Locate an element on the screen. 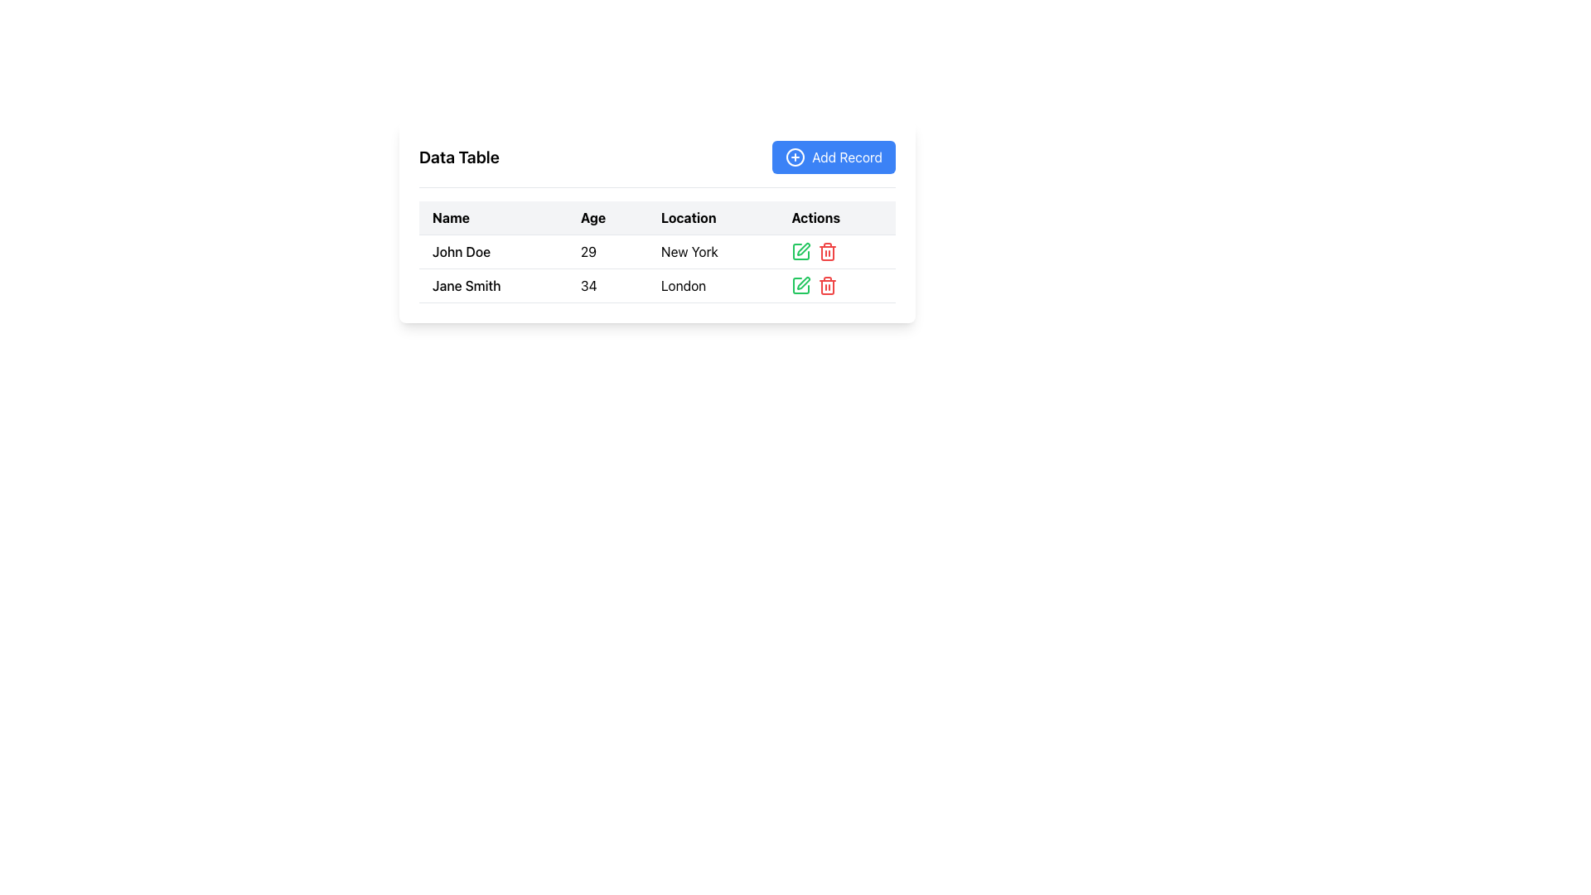 The height and width of the screenshot is (895, 1591). the leftmost icon button in the 'Actions' column of the first row in the data table is located at coordinates (801, 252).